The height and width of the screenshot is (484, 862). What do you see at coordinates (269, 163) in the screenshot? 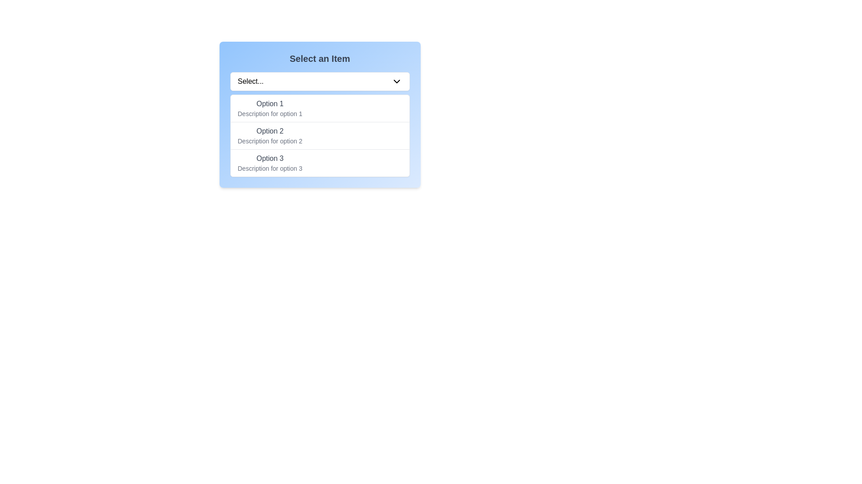
I see `the selectable option in the dropdown menu that displays 'Option 3' with the description 'Description for option 3'` at bounding box center [269, 163].